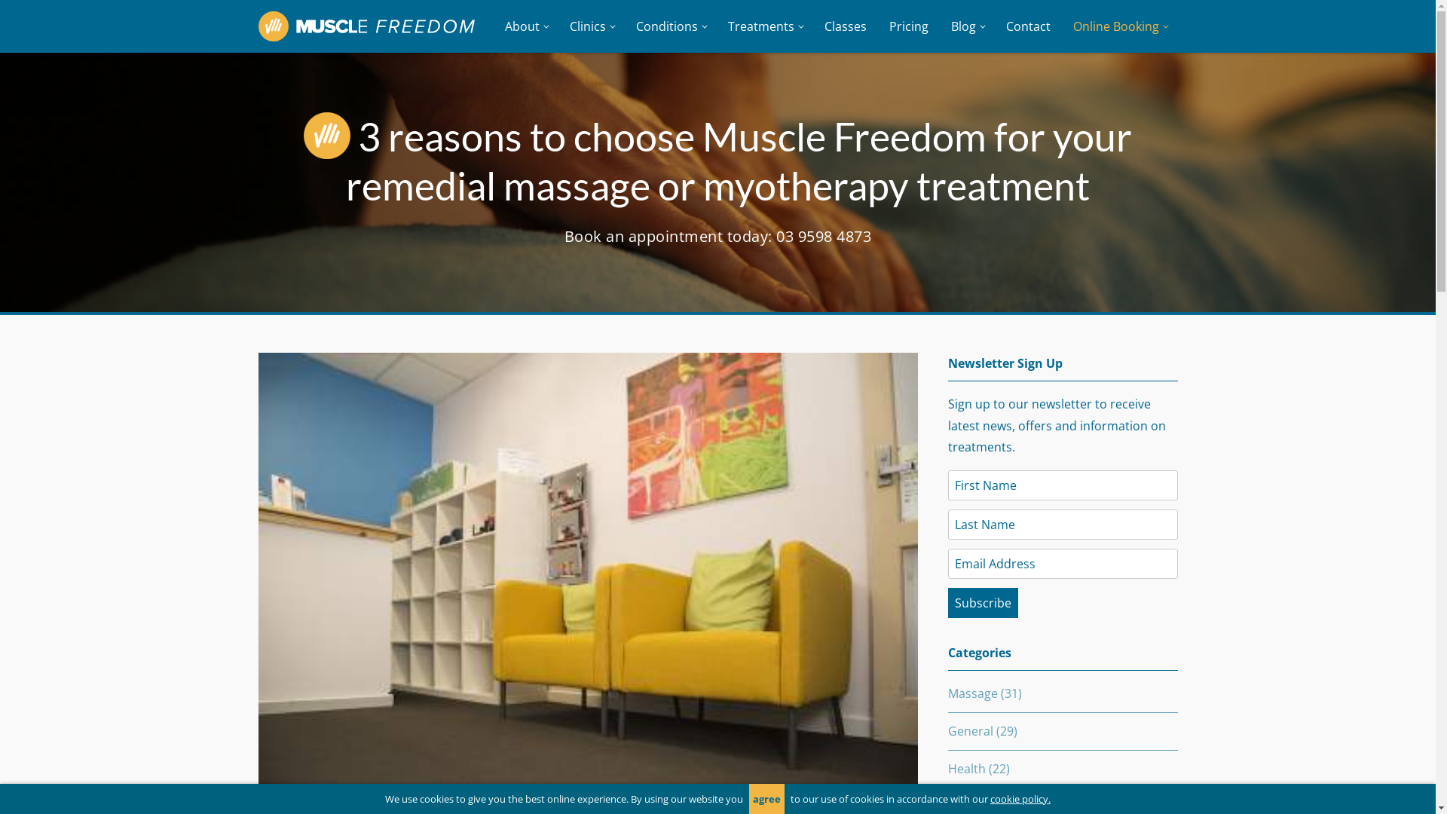 The image size is (1447, 814). I want to click on 'Health', so click(947, 768).